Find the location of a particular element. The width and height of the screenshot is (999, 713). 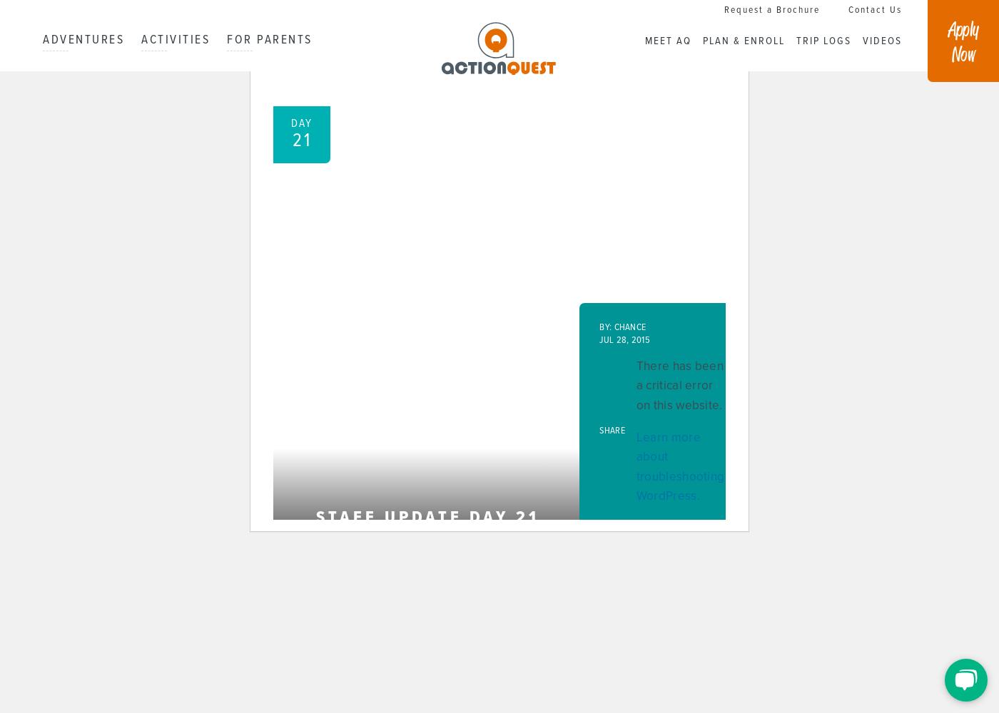

'Learn more about troubleshooting WordPress.' is located at coordinates (679, 466).